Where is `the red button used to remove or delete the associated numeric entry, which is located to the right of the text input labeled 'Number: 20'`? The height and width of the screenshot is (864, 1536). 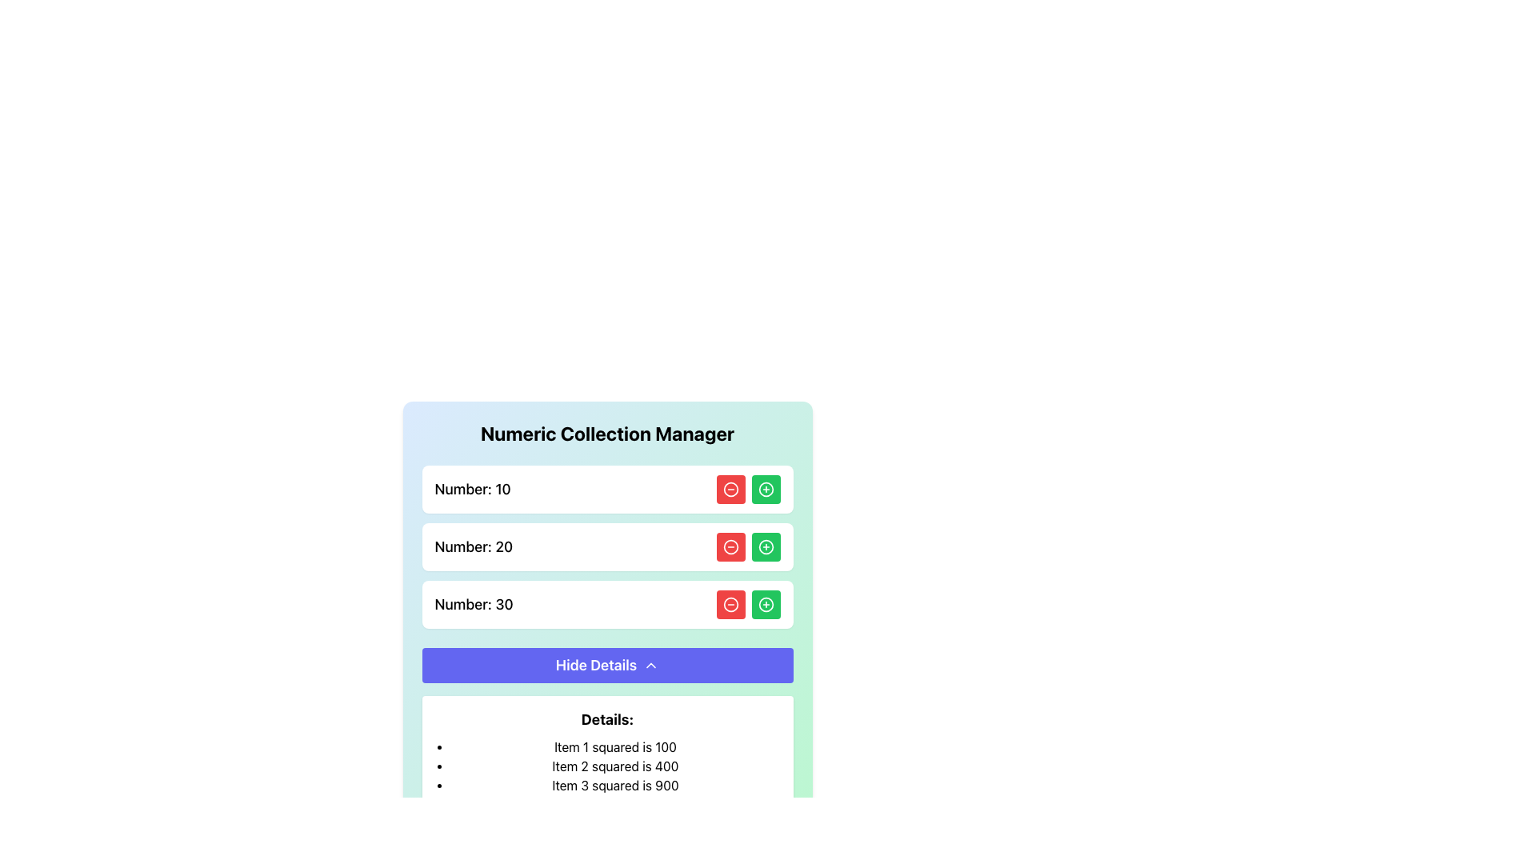
the red button used to remove or delete the associated numeric entry, which is located to the right of the text input labeled 'Number: 20' is located at coordinates (730, 546).